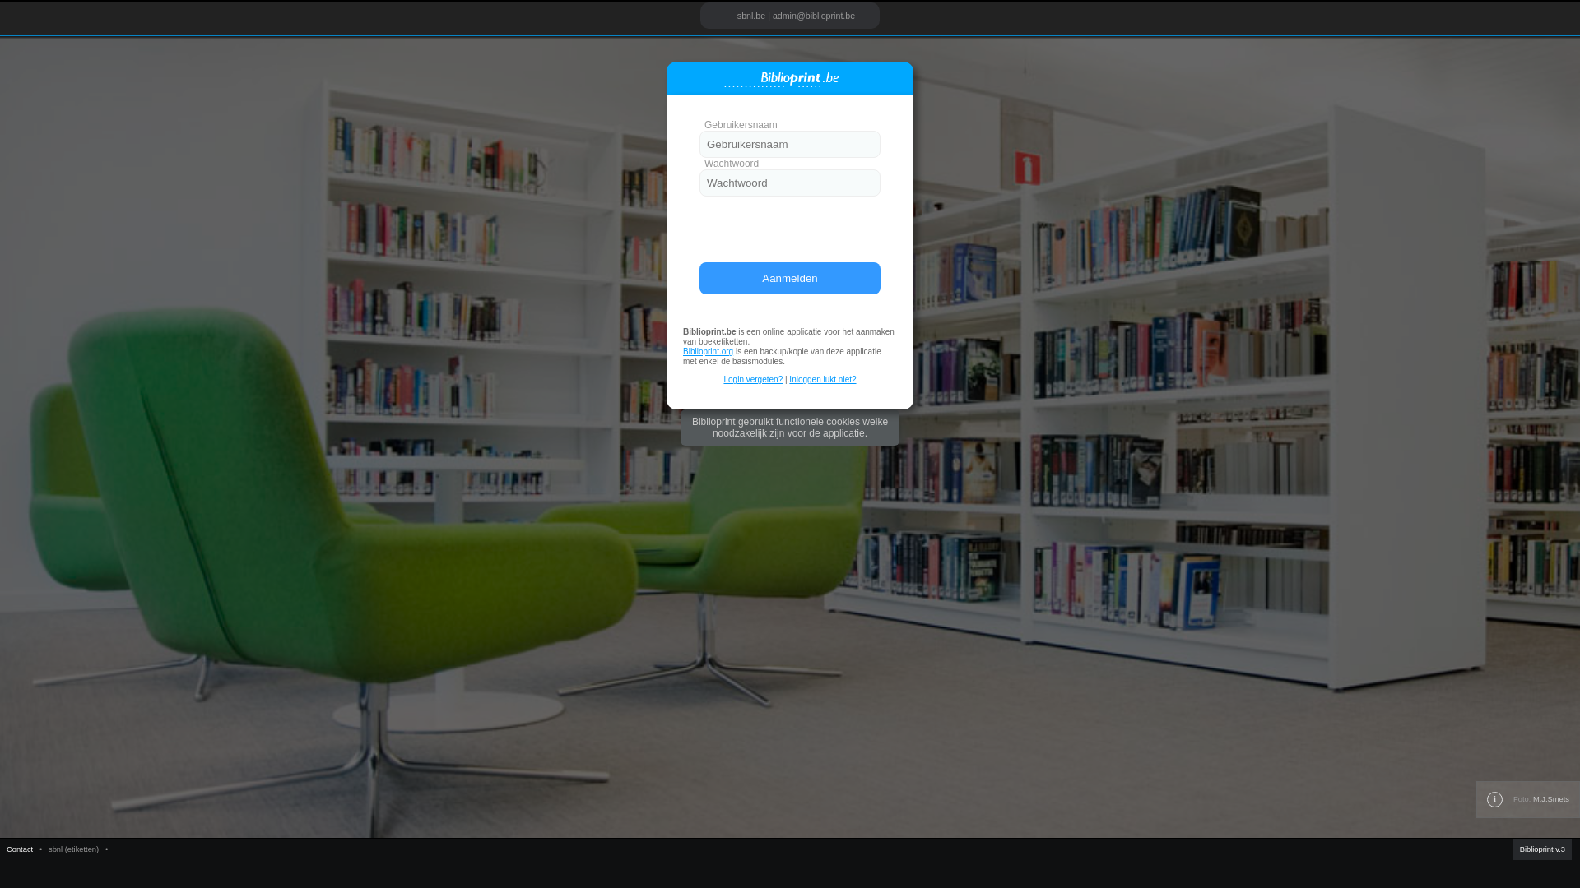 The width and height of the screenshot is (1580, 888). I want to click on 'sbnl.be', so click(750, 16).